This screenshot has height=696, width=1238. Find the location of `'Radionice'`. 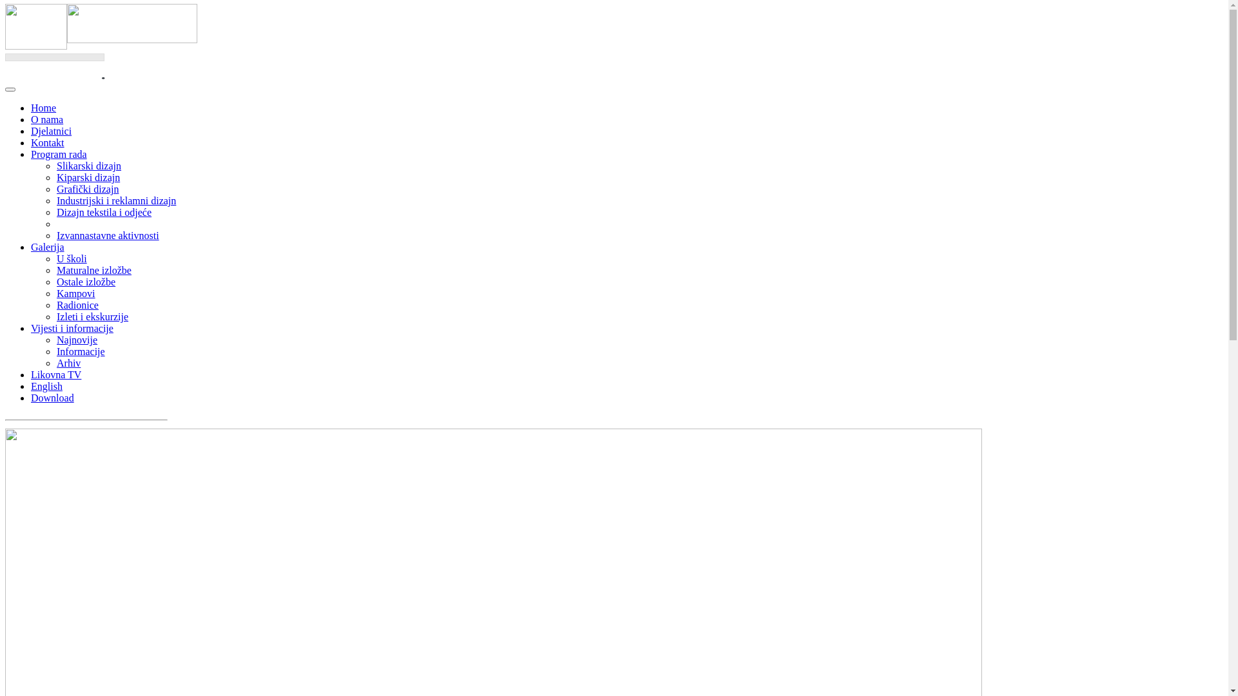

'Radionice' is located at coordinates (77, 305).